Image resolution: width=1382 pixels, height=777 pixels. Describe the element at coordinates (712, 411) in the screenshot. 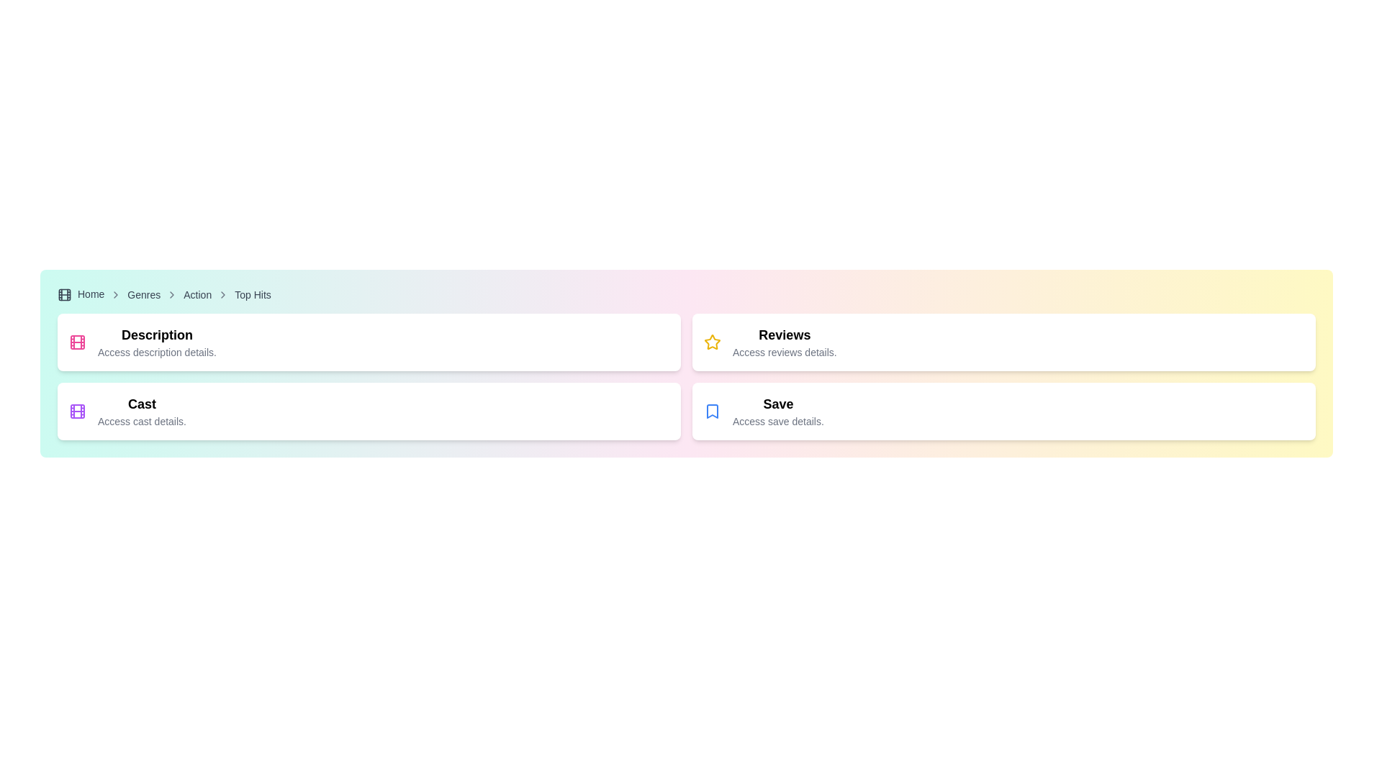

I see `the bookmark icon that represents the 'Save' action` at that location.